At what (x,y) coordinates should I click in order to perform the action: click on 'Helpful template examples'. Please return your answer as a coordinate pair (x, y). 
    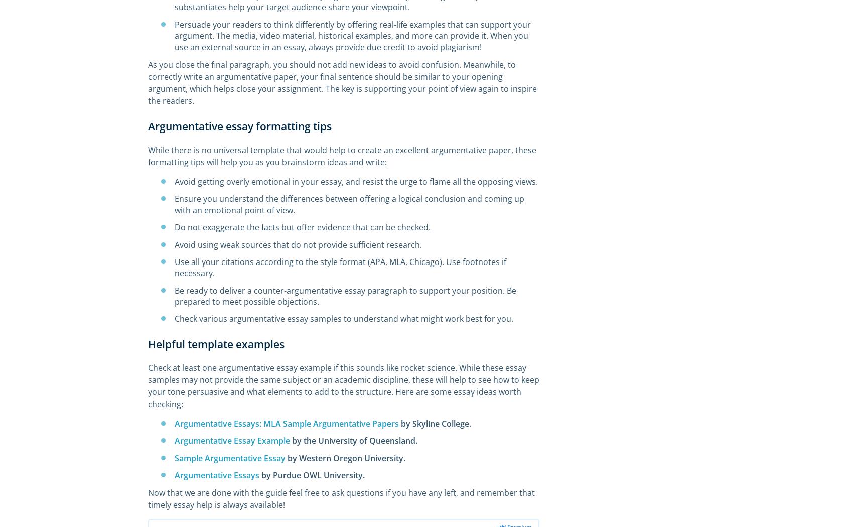
    Looking at the image, I should click on (216, 344).